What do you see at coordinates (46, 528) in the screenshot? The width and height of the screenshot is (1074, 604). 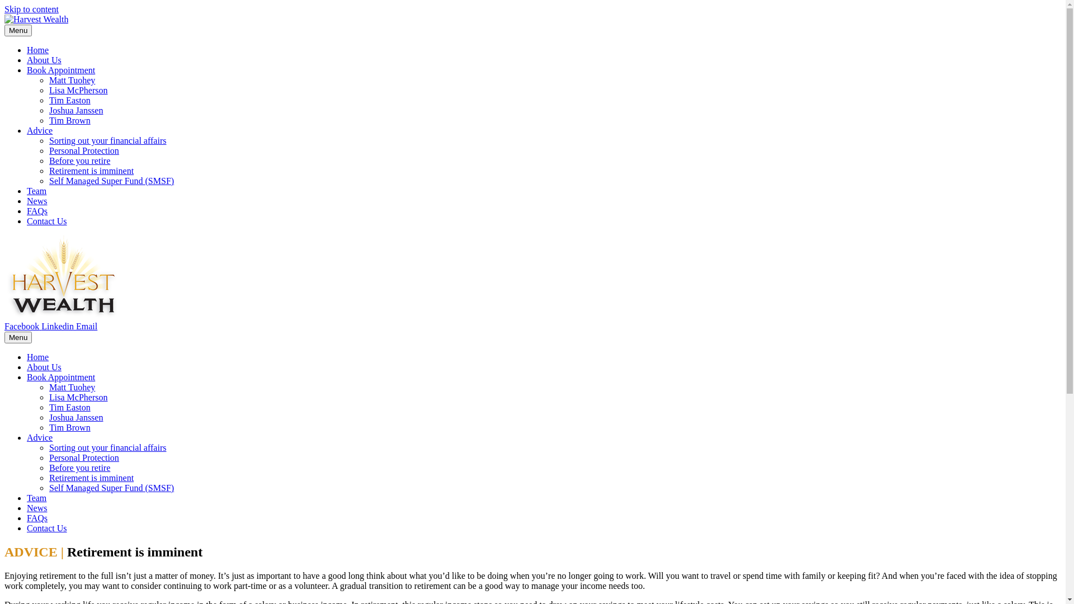 I see `'Contact Us'` at bounding box center [46, 528].